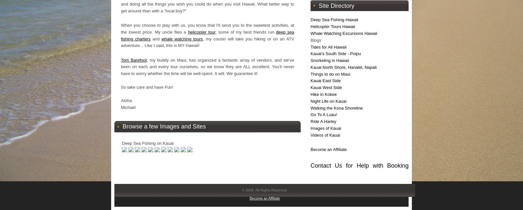  What do you see at coordinates (133, 60) in the screenshot?
I see `'Tom Barefoot'` at bounding box center [133, 60].